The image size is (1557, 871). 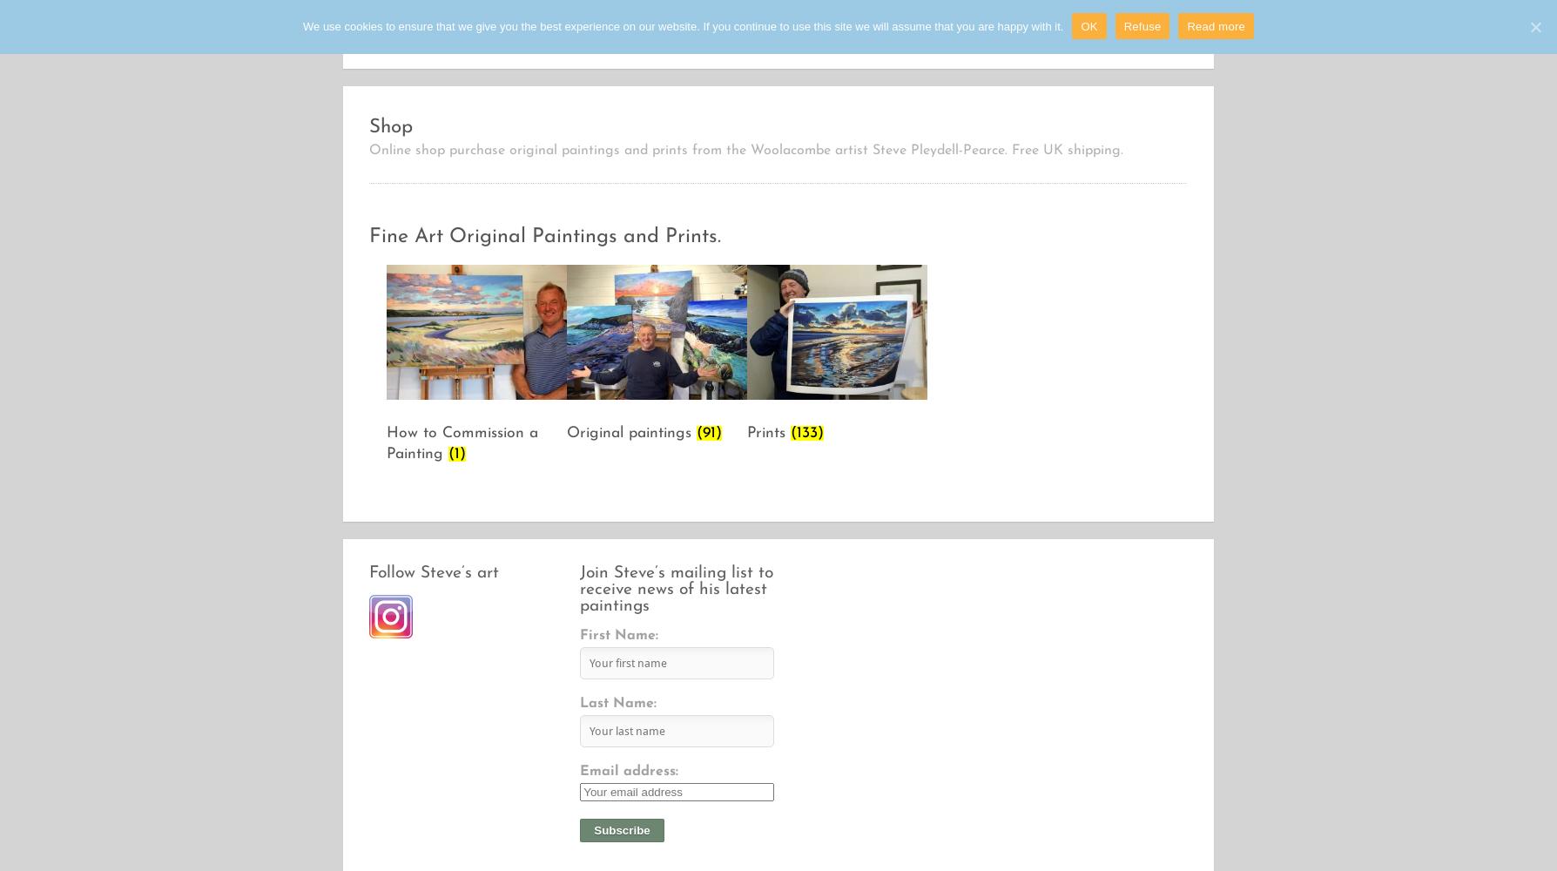 I want to click on 'Last Name:', so click(x=617, y=704).